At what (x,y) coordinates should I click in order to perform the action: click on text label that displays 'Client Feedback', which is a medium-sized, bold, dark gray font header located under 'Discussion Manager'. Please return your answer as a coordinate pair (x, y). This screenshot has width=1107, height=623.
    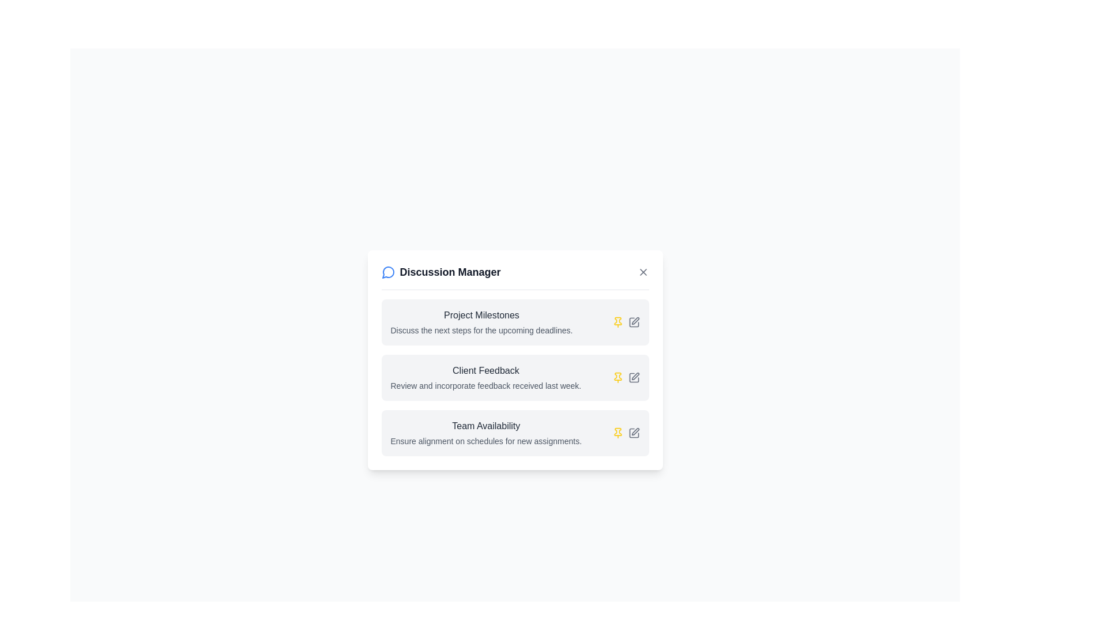
    Looking at the image, I should click on (485, 370).